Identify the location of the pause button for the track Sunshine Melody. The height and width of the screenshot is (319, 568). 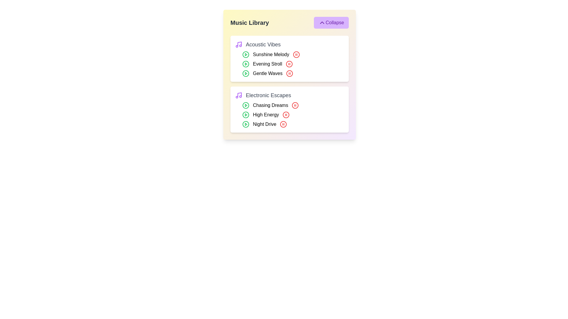
(296, 55).